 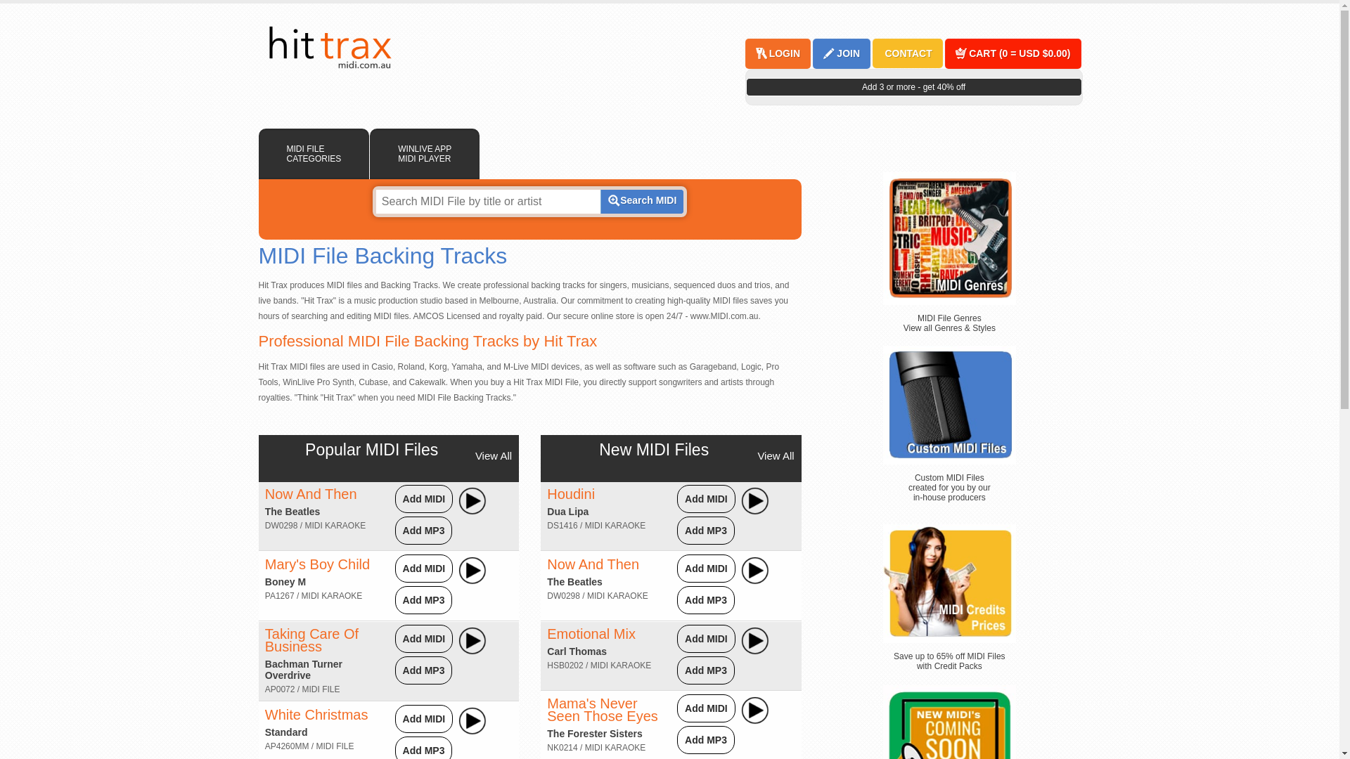 I want to click on 'Mama's Never Seen Those Eyes', so click(x=546, y=710).